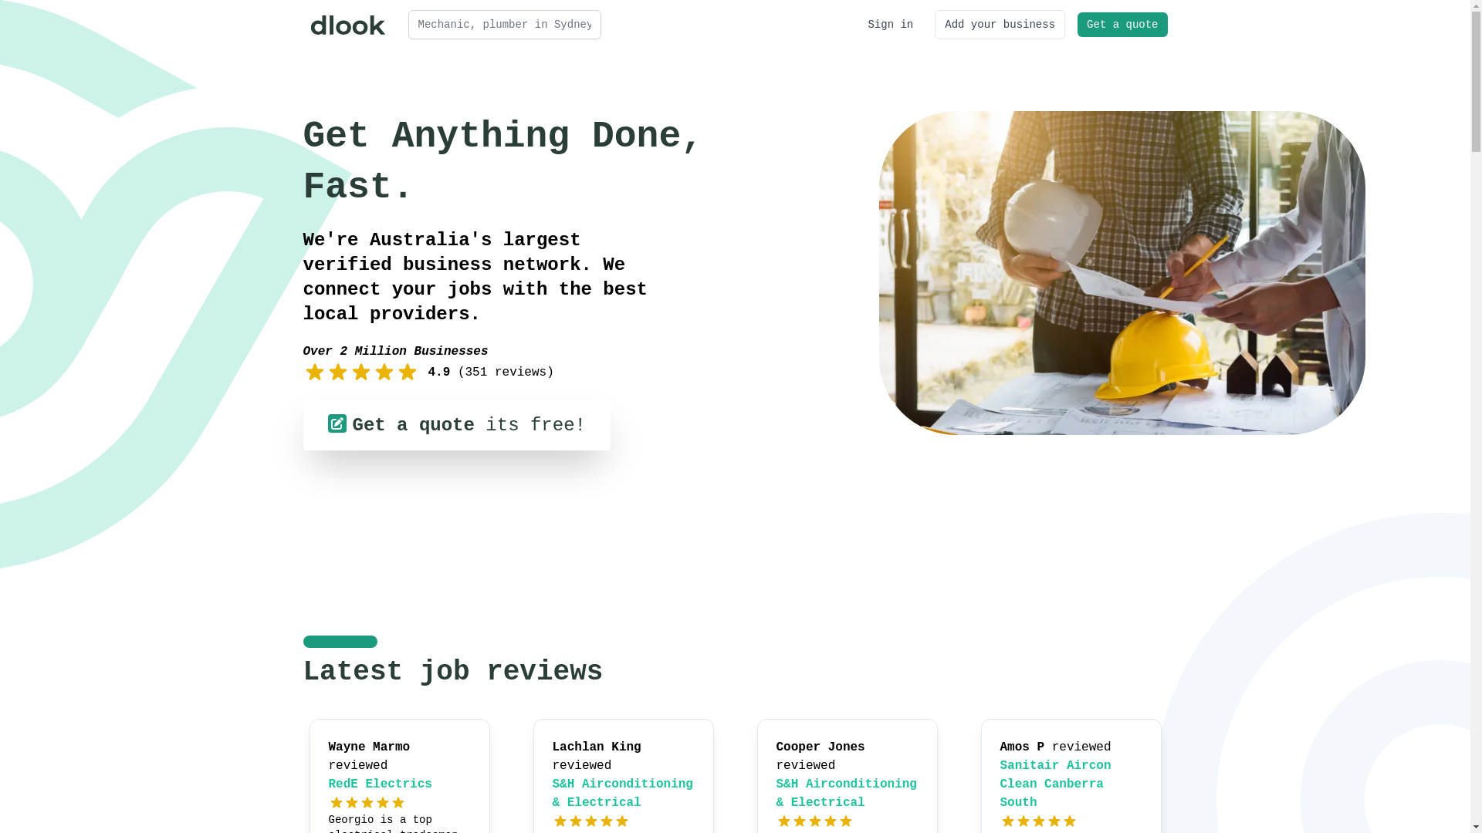 The width and height of the screenshot is (1482, 833). Describe the element at coordinates (846, 794) in the screenshot. I see `'S&H Airconditioning & Electrical'` at that location.